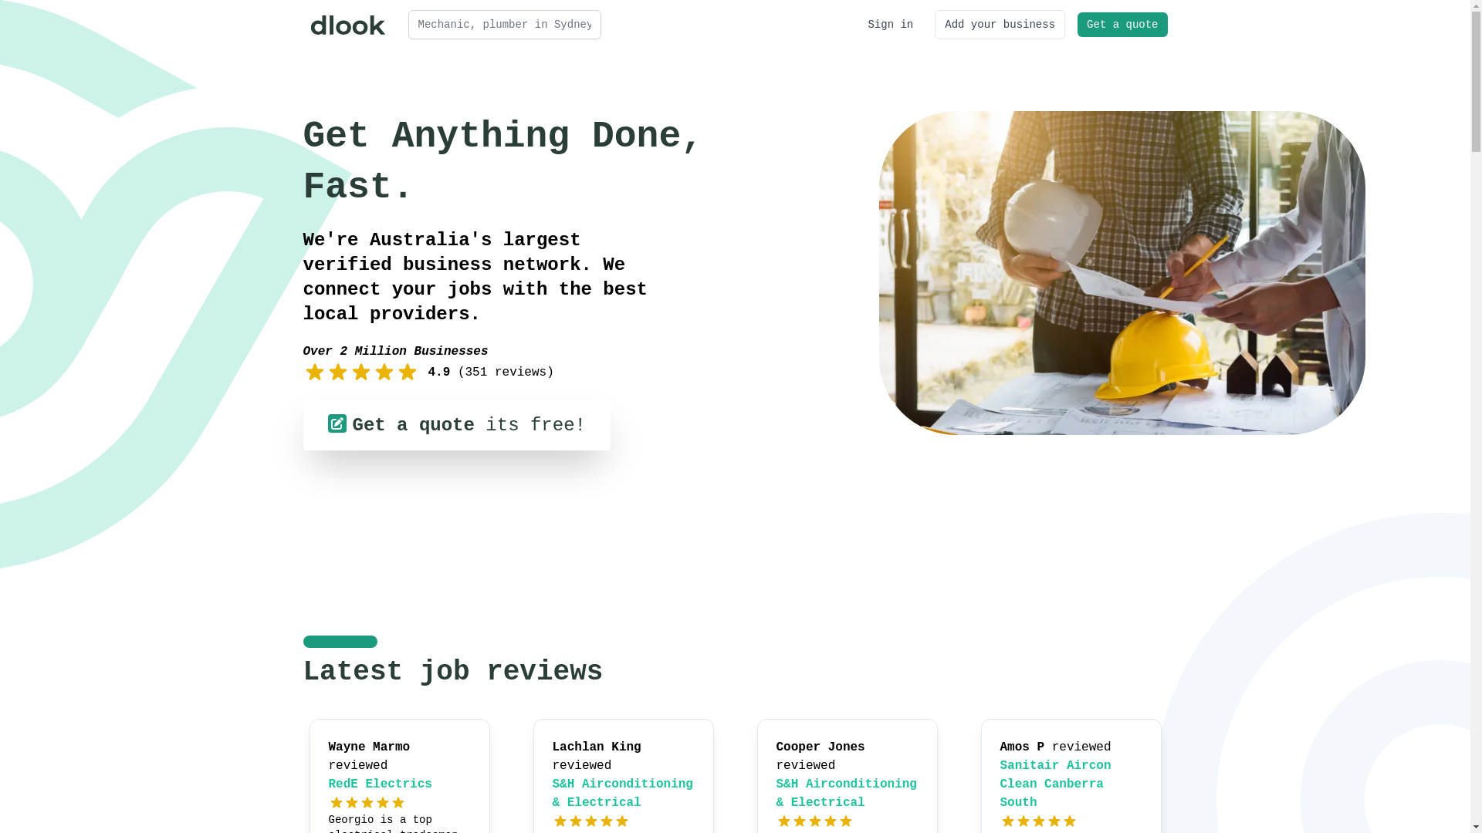 The width and height of the screenshot is (1482, 833). Describe the element at coordinates (846, 794) in the screenshot. I see `'S&H Airconditioning & Electrical'` at that location.